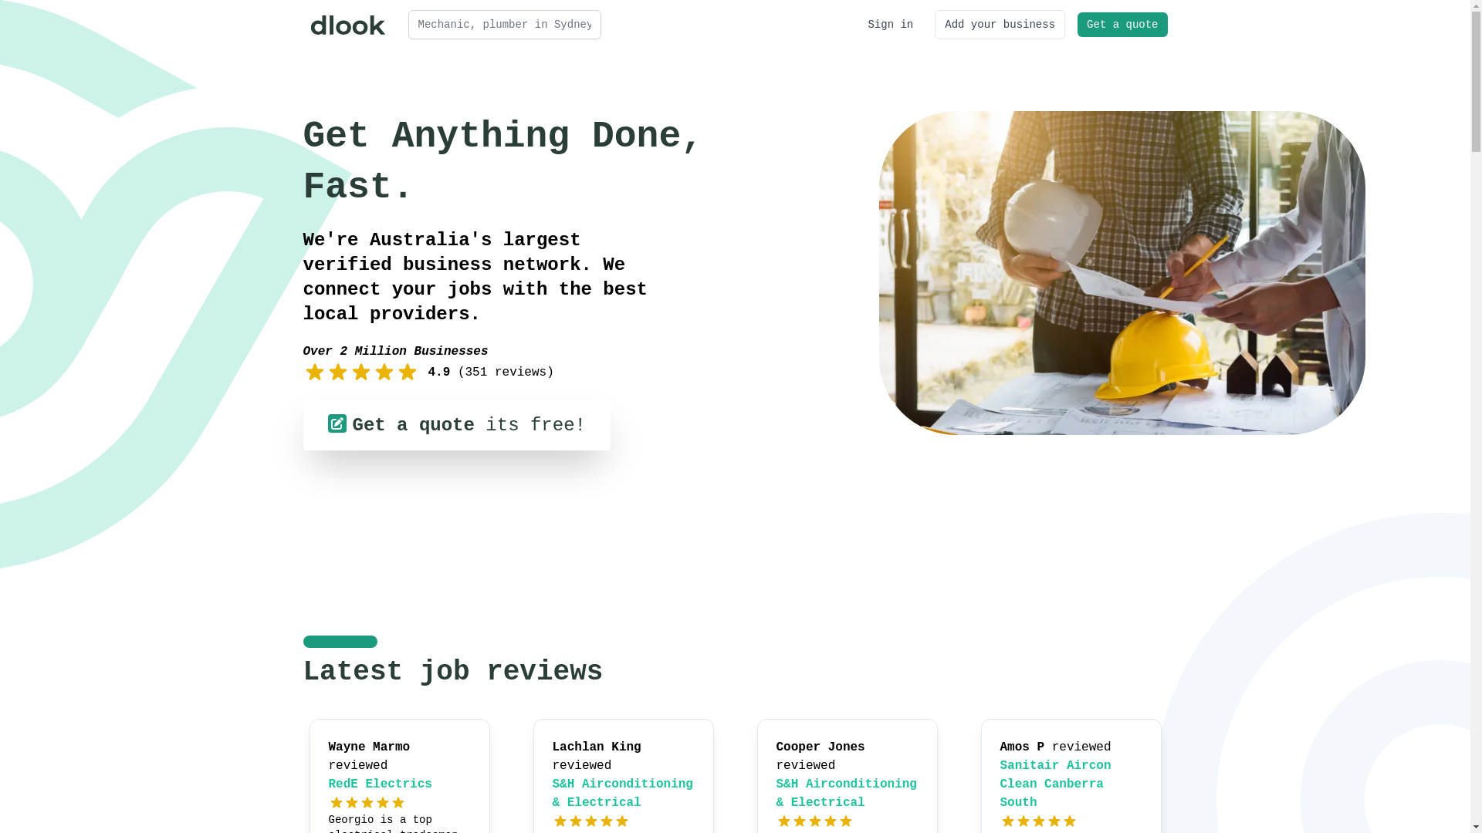 The width and height of the screenshot is (1482, 833). Describe the element at coordinates (846, 794) in the screenshot. I see `'S&H Airconditioning & Electrical'` at that location.